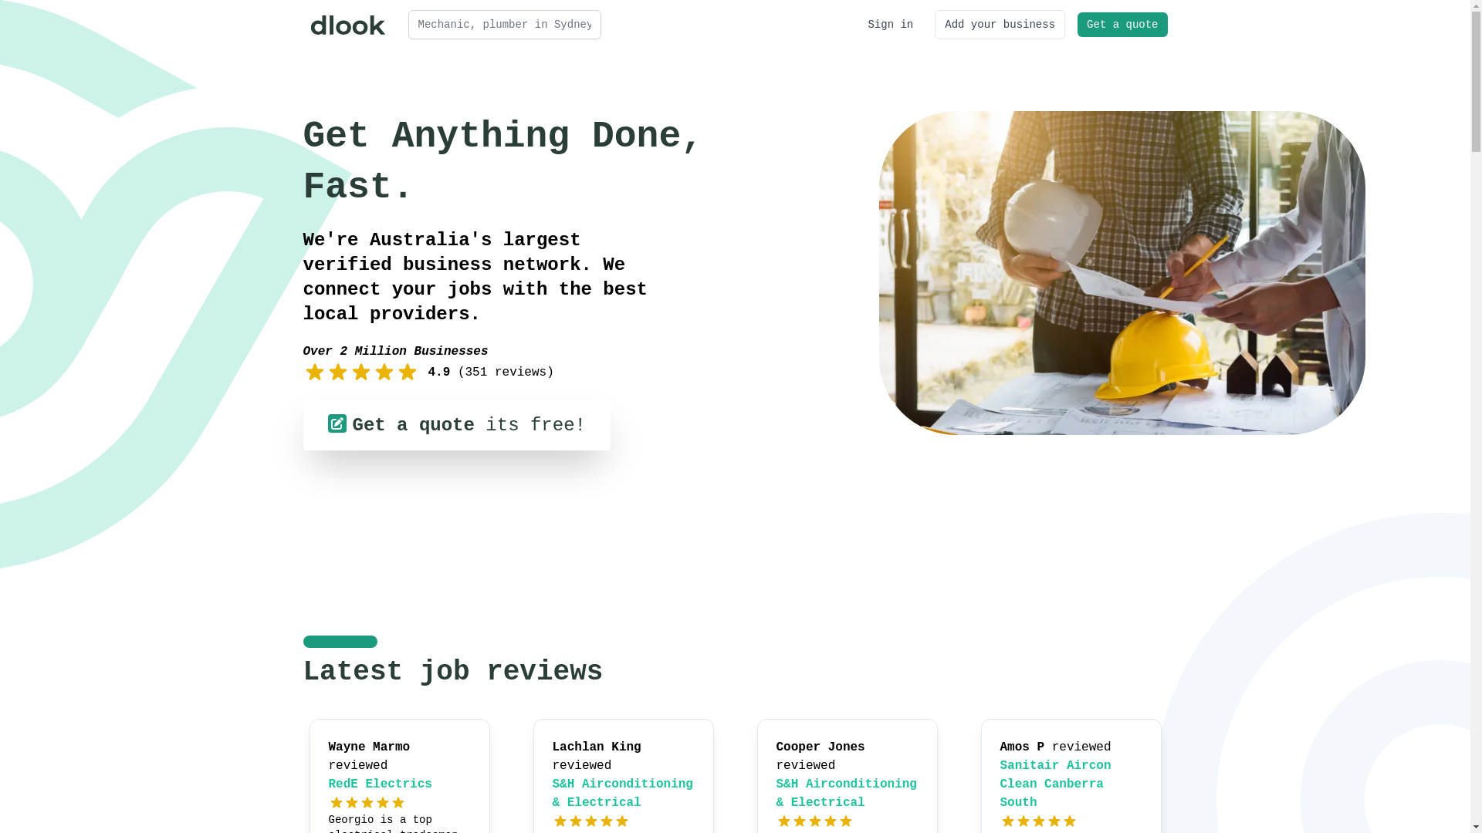 The width and height of the screenshot is (1482, 833). Describe the element at coordinates (846, 794) in the screenshot. I see `'S&H Airconditioning & Electrical'` at that location.